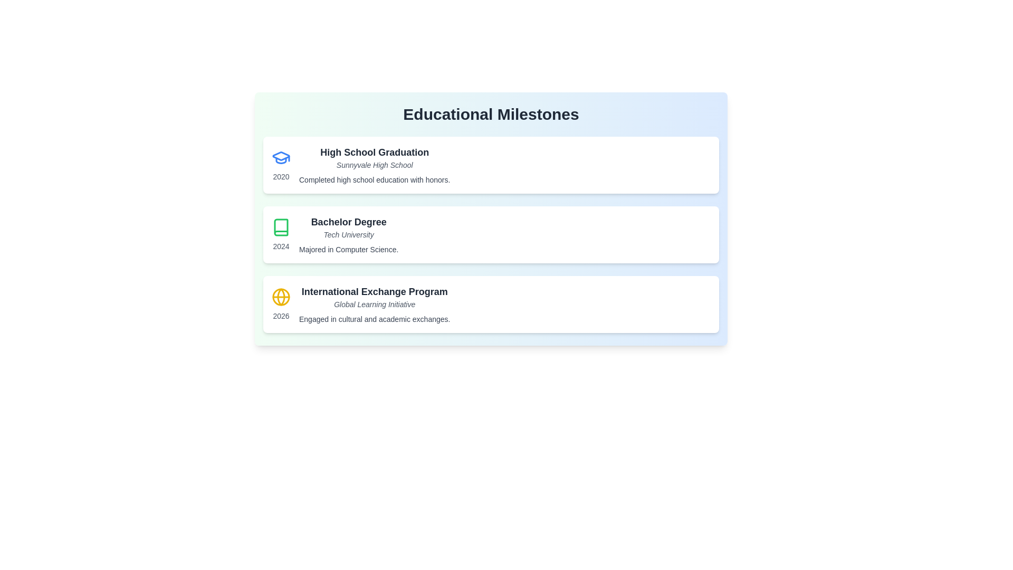 The height and width of the screenshot is (570, 1013). I want to click on the 'Bachelor Degree' milestone icon located in the left column above the year text '2024', so click(281, 227).